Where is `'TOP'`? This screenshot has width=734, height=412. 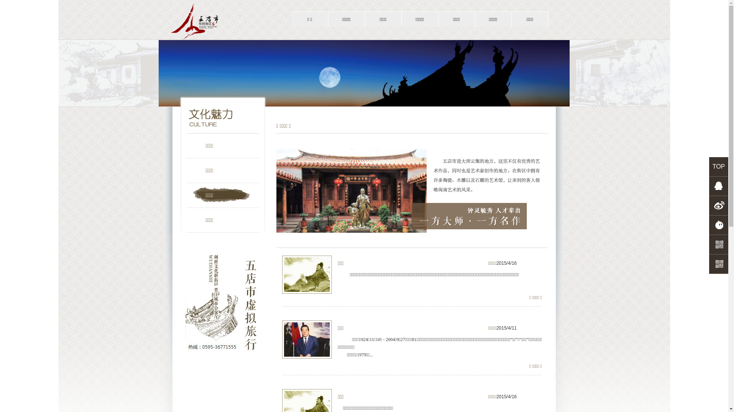 'TOP' is located at coordinates (718, 166).